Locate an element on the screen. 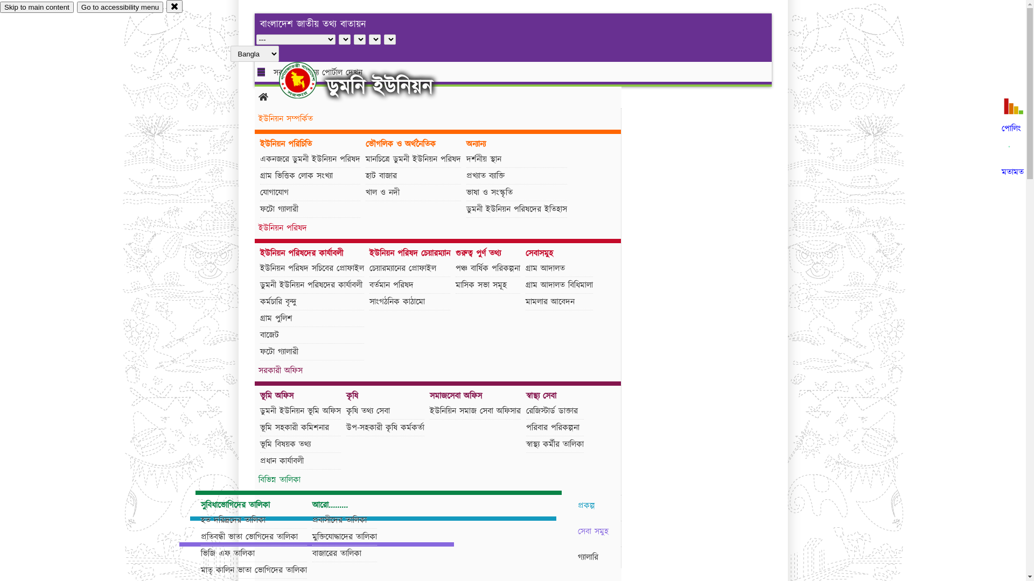 The image size is (1034, 581). 'Skip to main content' is located at coordinates (37, 7).